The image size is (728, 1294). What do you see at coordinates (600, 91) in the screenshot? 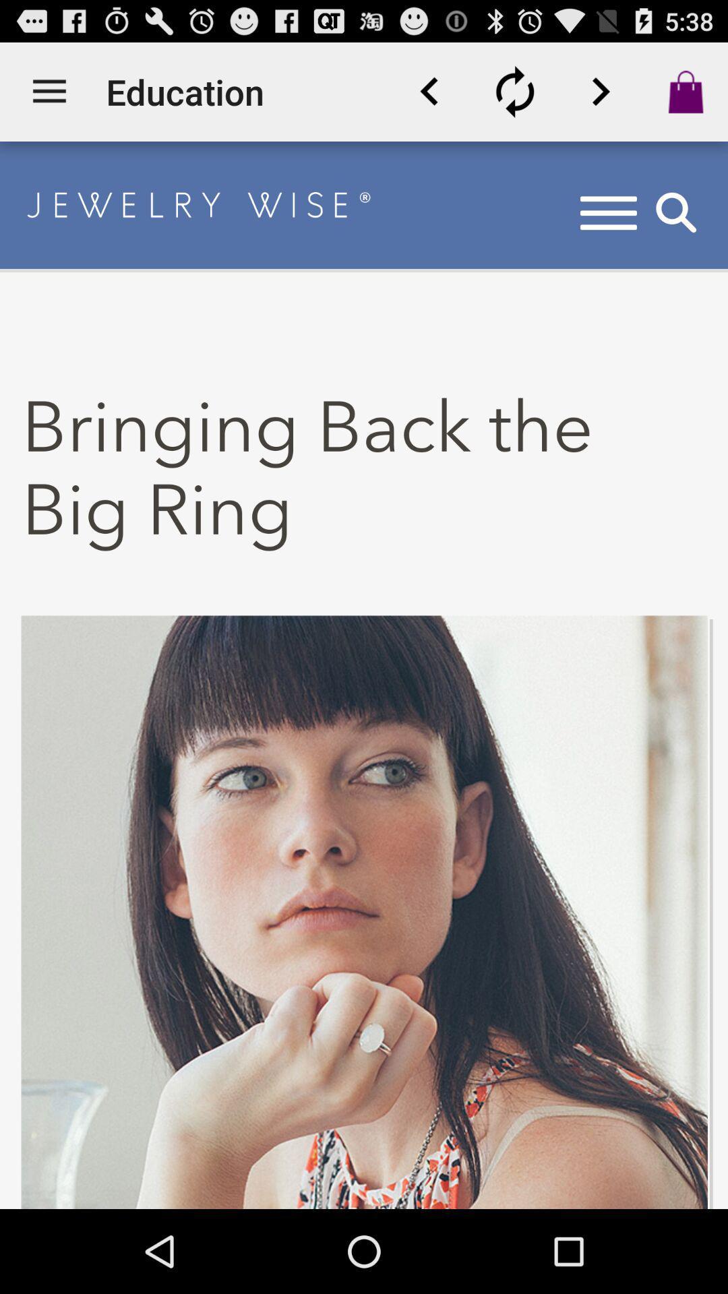
I see `lest pega` at bounding box center [600, 91].